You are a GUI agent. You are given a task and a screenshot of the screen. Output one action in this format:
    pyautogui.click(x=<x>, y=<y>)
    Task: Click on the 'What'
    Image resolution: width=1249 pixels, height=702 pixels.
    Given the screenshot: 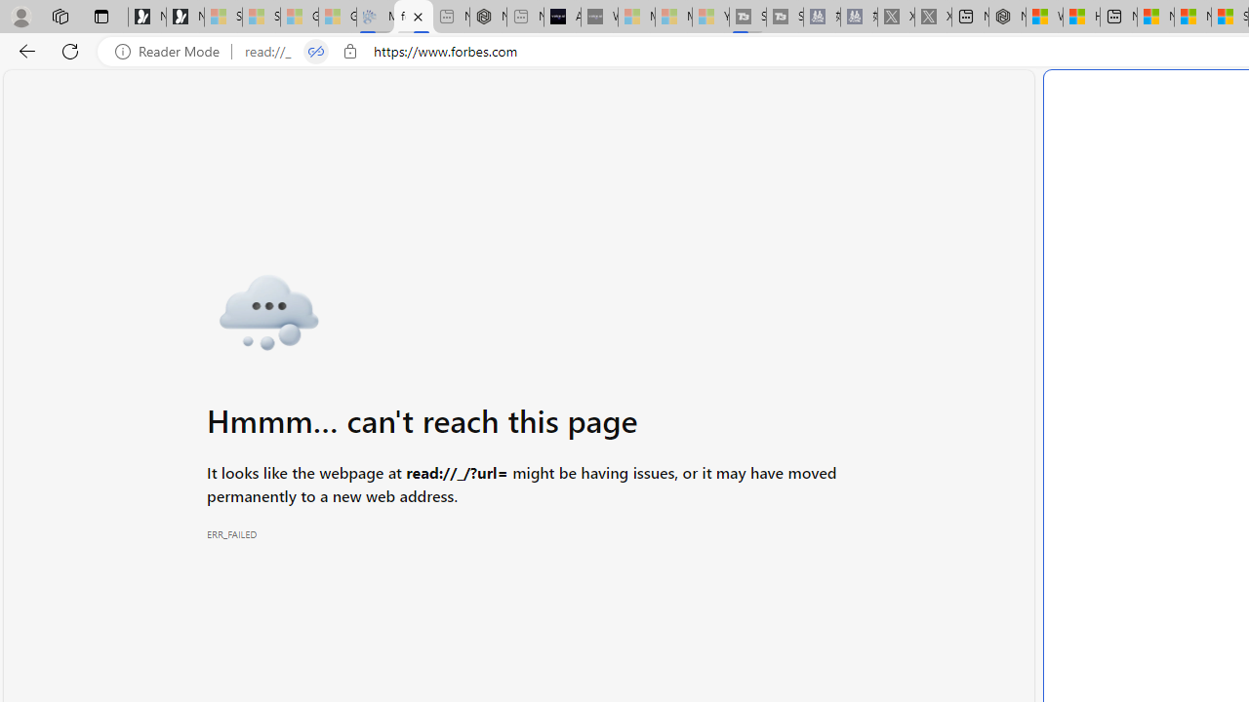 What is the action you would take?
    pyautogui.click(x=599, y=17)
    